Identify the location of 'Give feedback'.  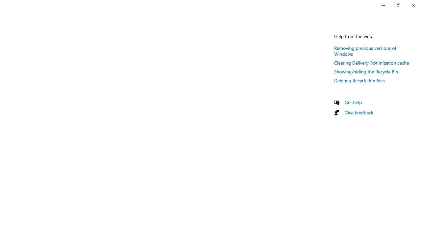
(359, 112).